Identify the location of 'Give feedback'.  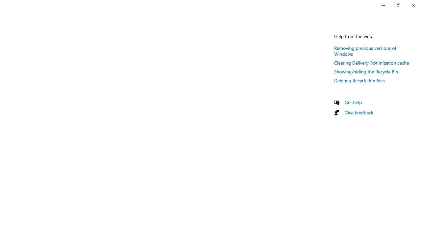
(359, 112).